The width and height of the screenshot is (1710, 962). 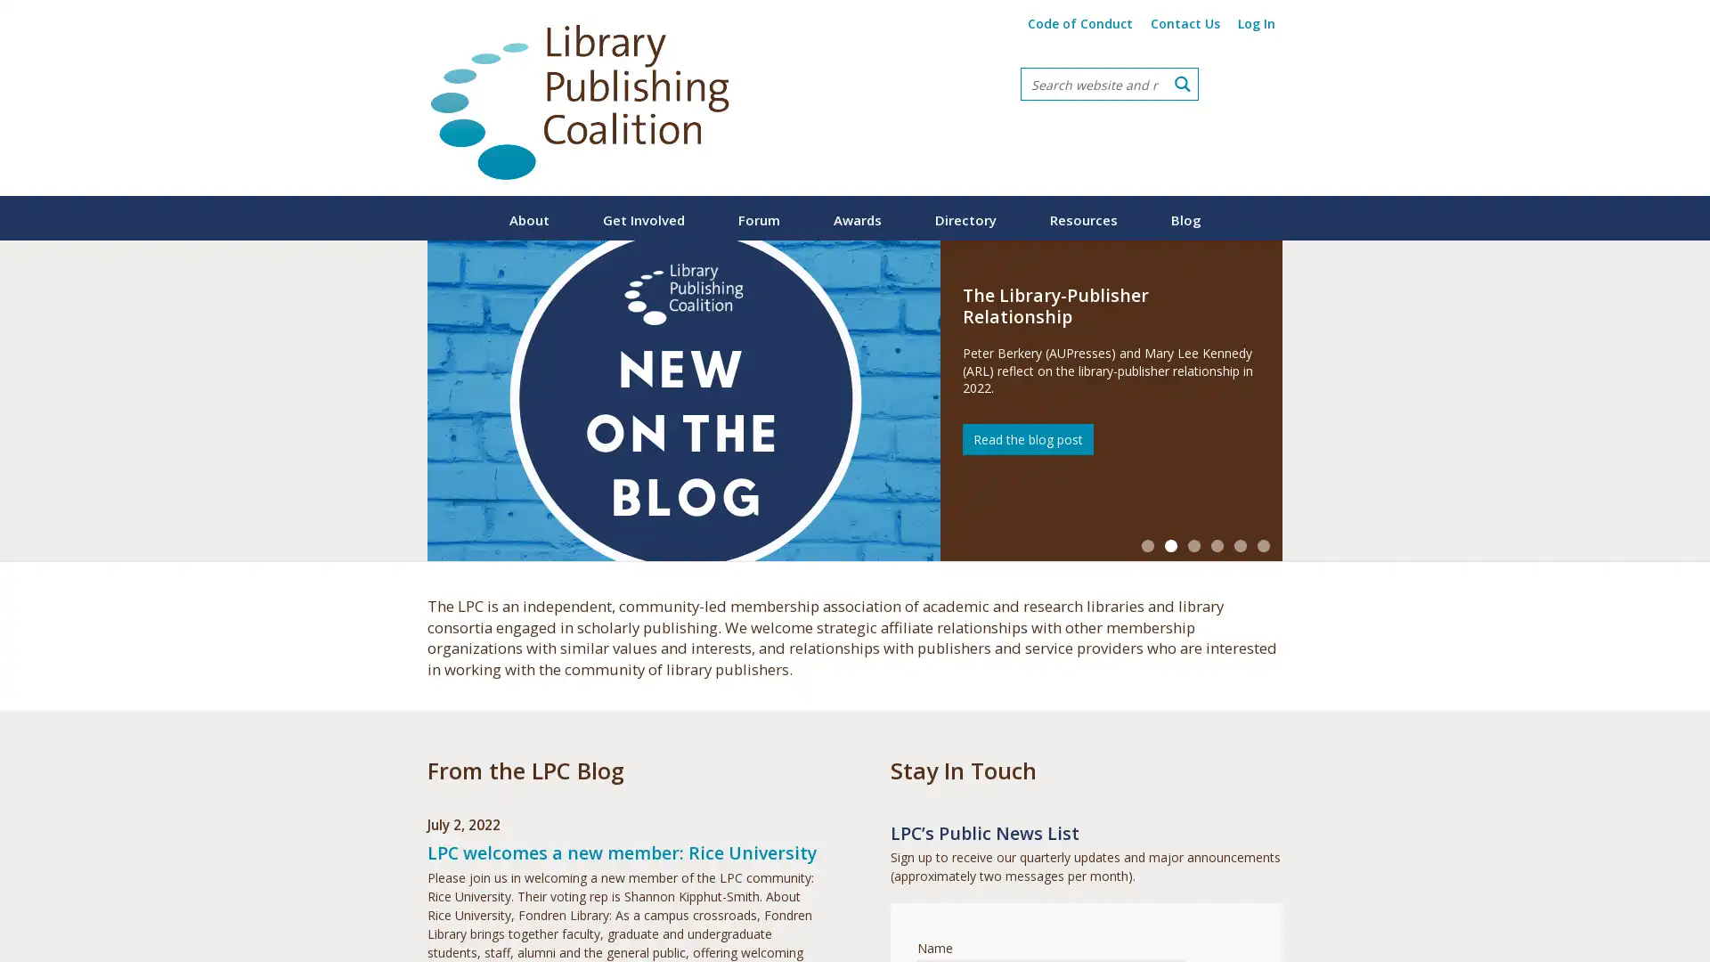 I want to click on Go to slide 5, so click(x=1239, y=545).